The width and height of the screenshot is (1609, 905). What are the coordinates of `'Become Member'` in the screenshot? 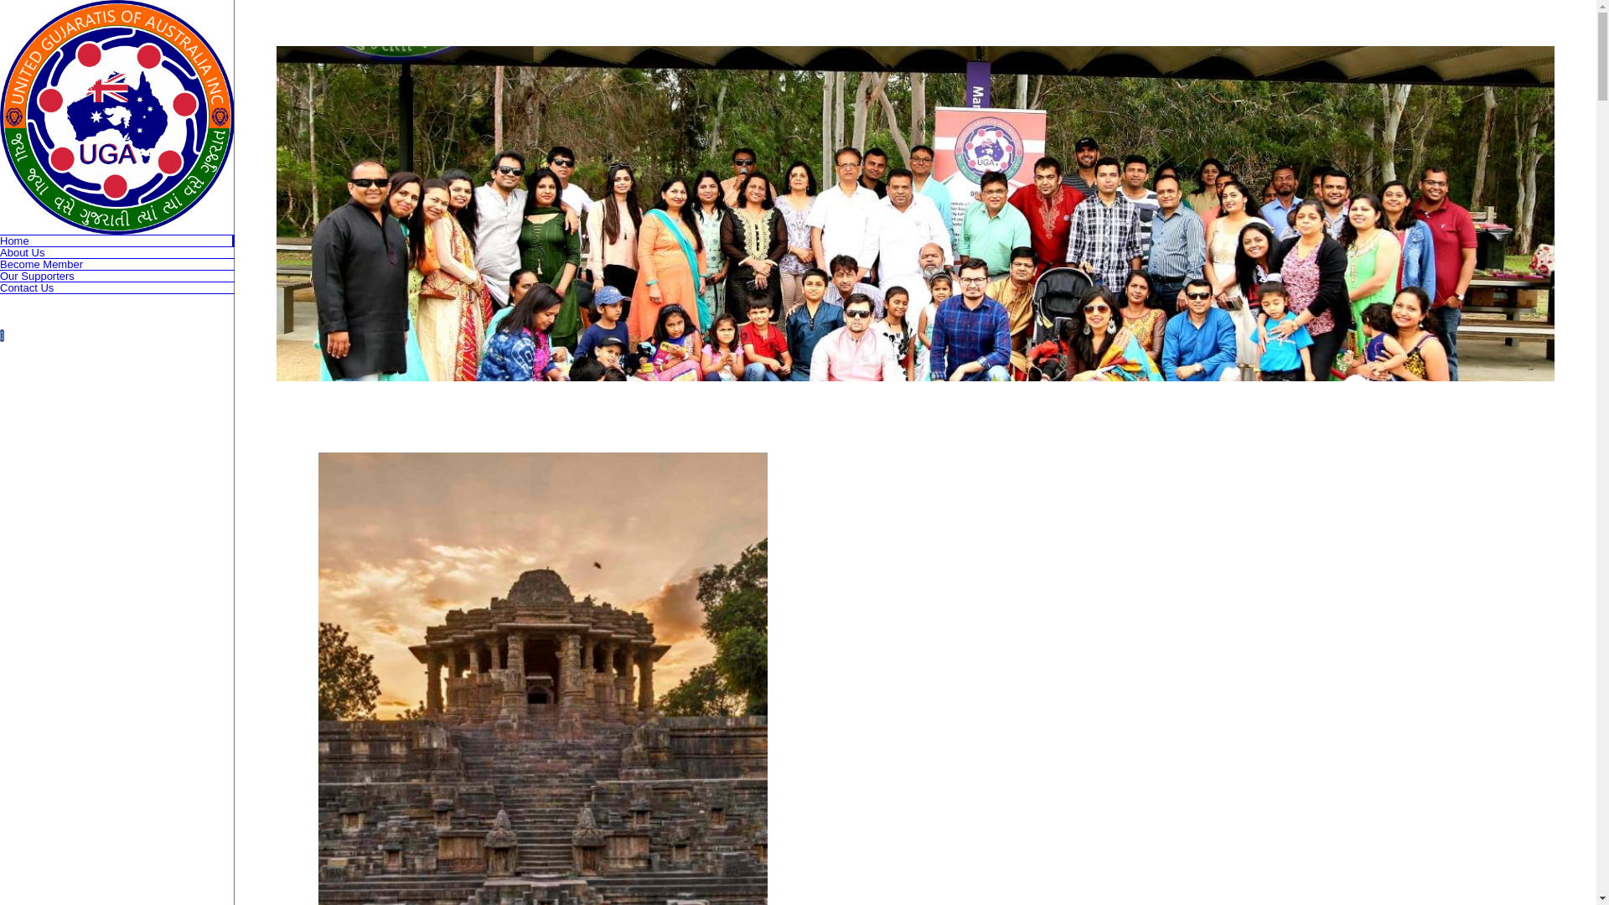 It's located at (116, 264).